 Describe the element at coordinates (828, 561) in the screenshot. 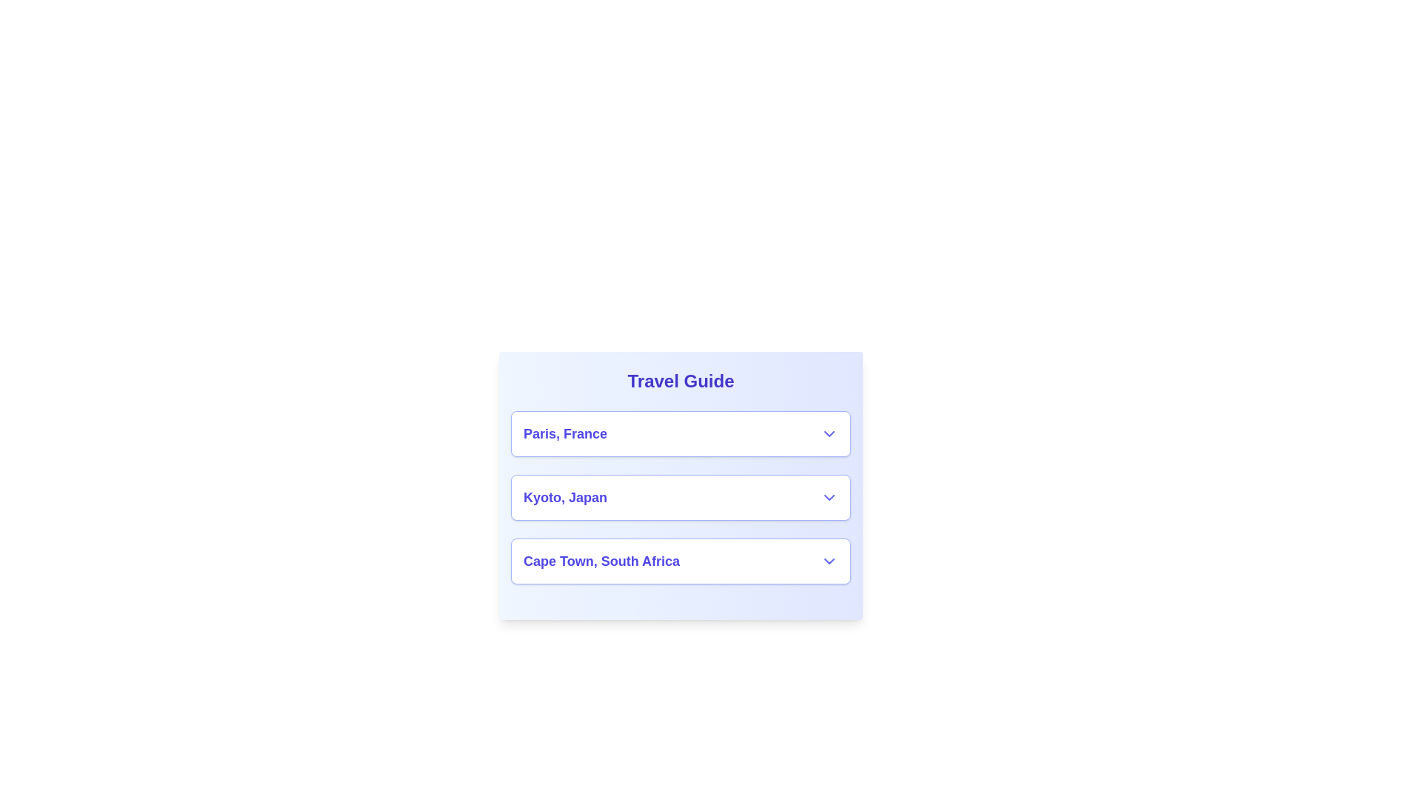

I see `the Dropdown indicator icon located at the right end of the row containing 'Cape Town, South Africa'` at that location.